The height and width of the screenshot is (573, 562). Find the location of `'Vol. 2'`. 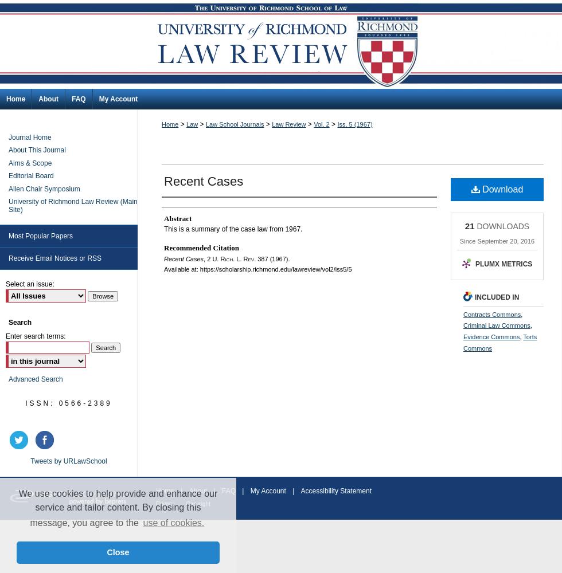

'Vol. 2' is located at coordinates (321, 124).